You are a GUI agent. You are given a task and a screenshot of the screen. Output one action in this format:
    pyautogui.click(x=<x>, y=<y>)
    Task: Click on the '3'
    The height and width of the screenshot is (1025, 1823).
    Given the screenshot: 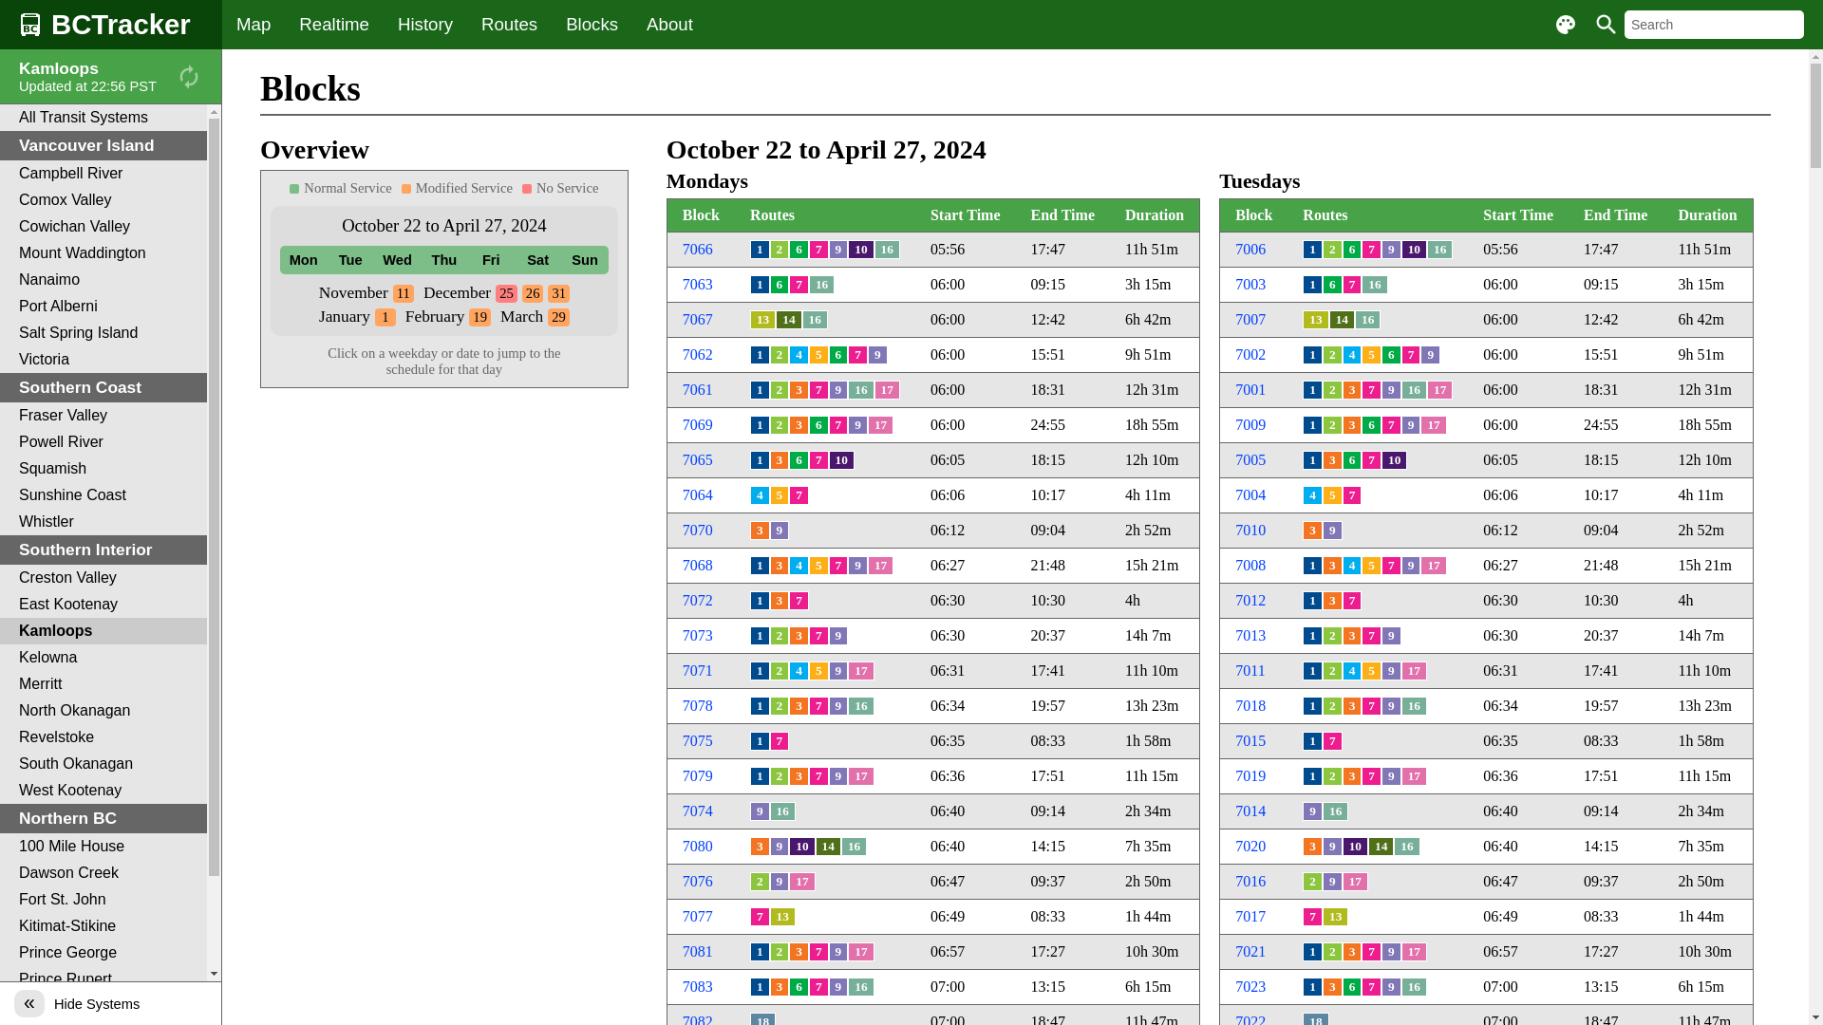 What is the action you would take?
    pyautogui.click(x=1351, y=389)
    